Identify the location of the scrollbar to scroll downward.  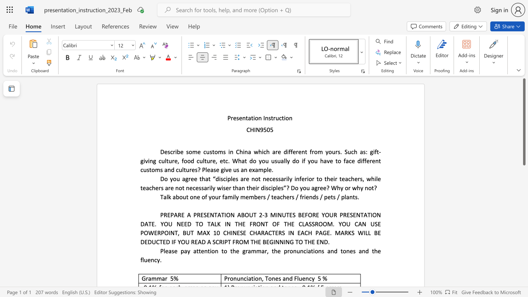
(523, 190).